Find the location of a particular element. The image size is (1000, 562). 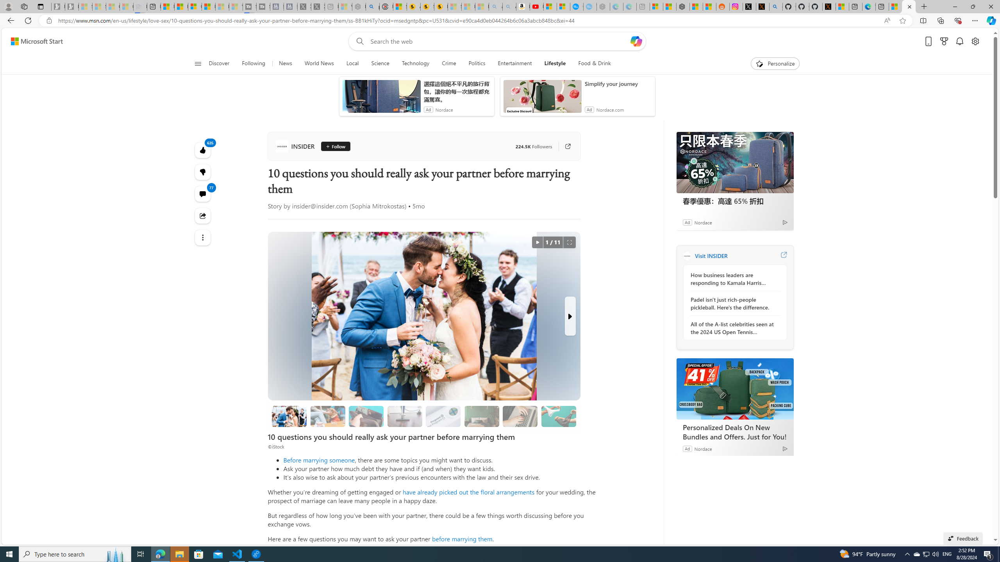

'Local' is located at coordinates (352, 63).